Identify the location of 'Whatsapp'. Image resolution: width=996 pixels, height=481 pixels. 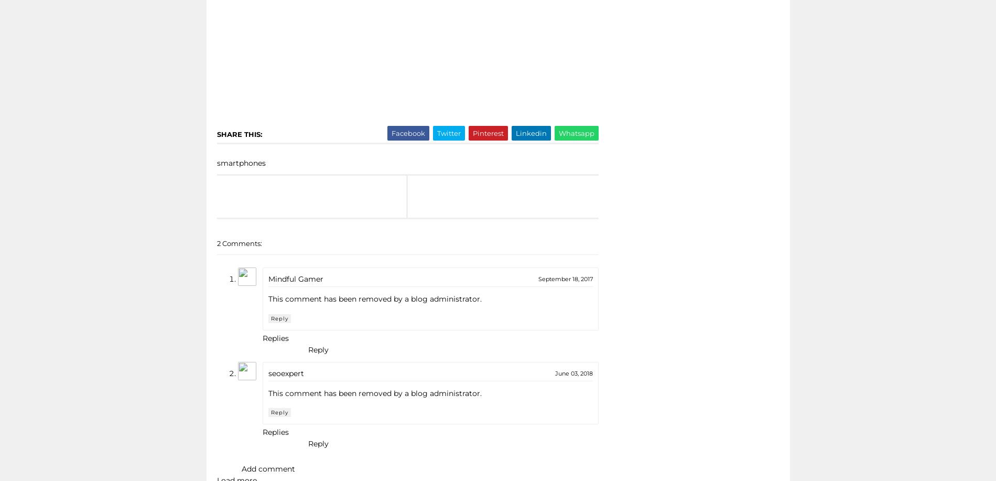
(558, 132).